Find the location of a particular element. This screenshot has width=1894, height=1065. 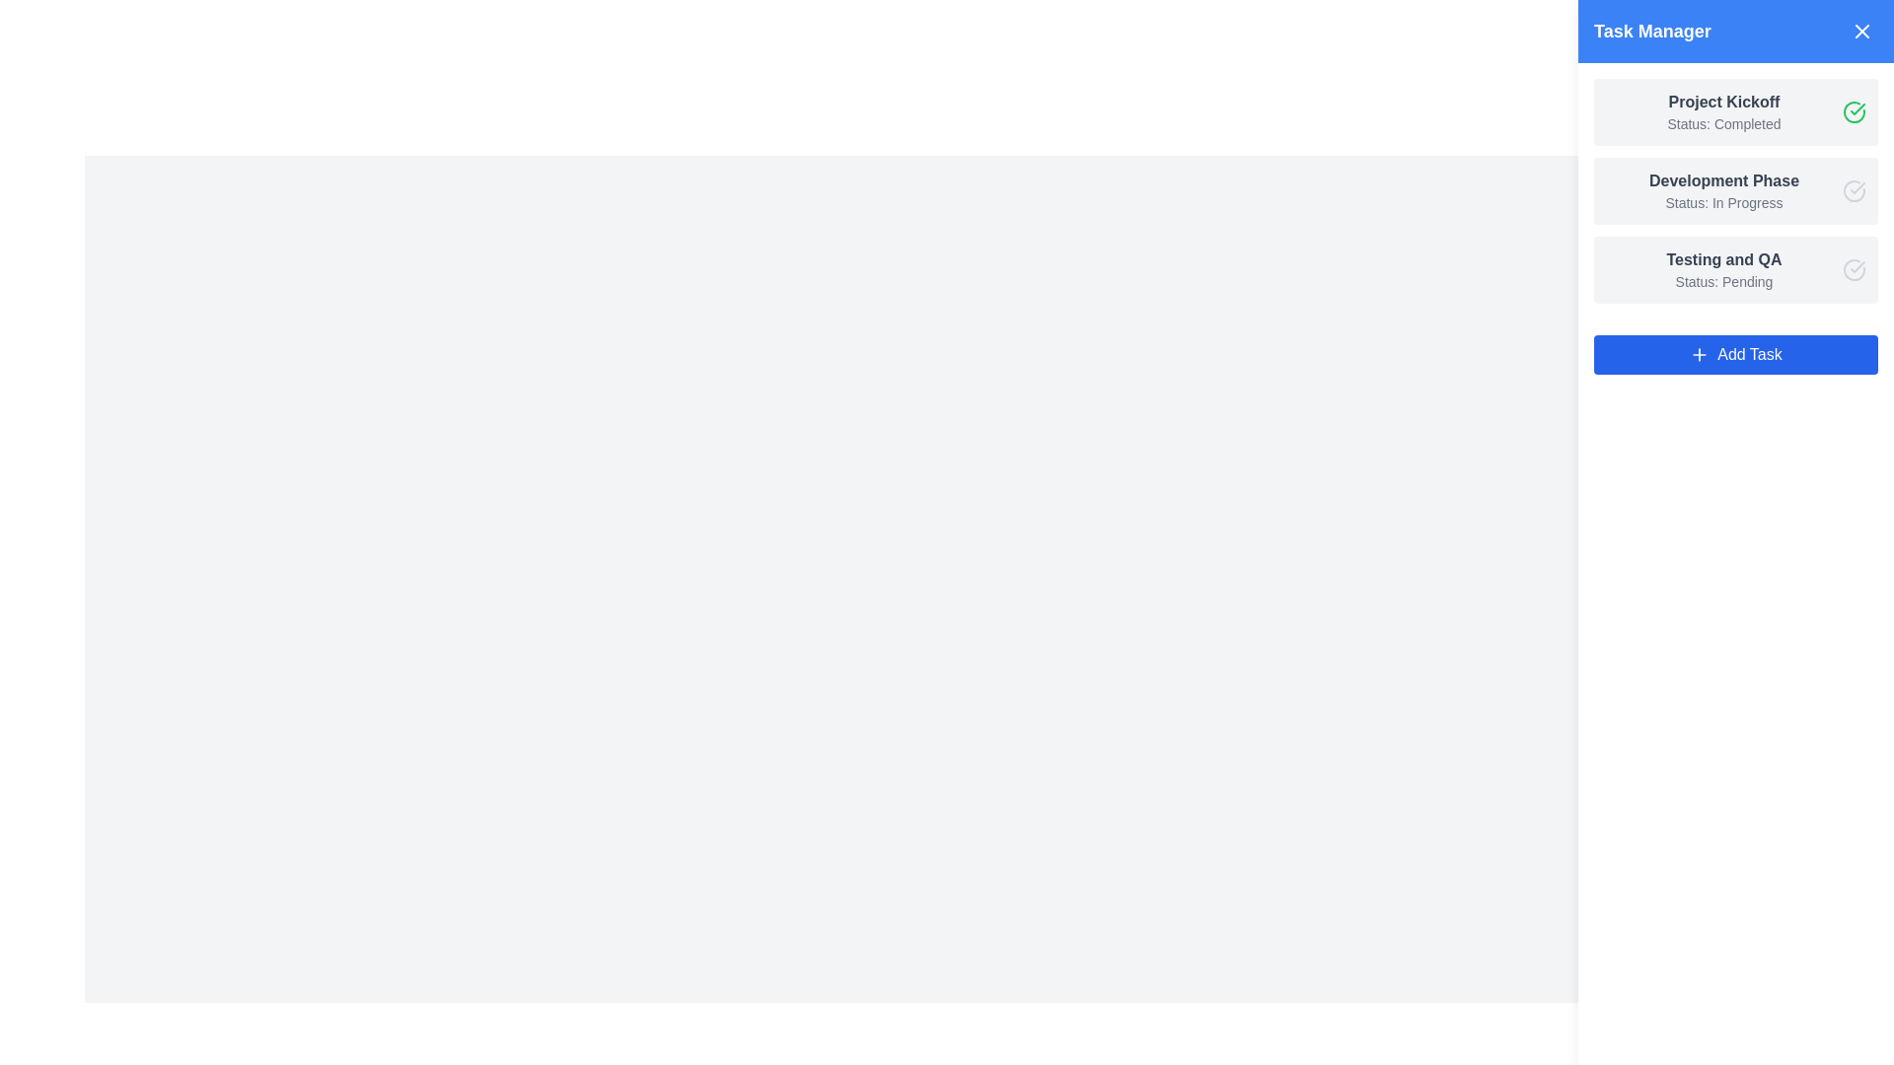

the 'Testing and QA' text label in the Task Manager panel, which serves as a title for a specific task or phase is located at coordinates (1722, 258).